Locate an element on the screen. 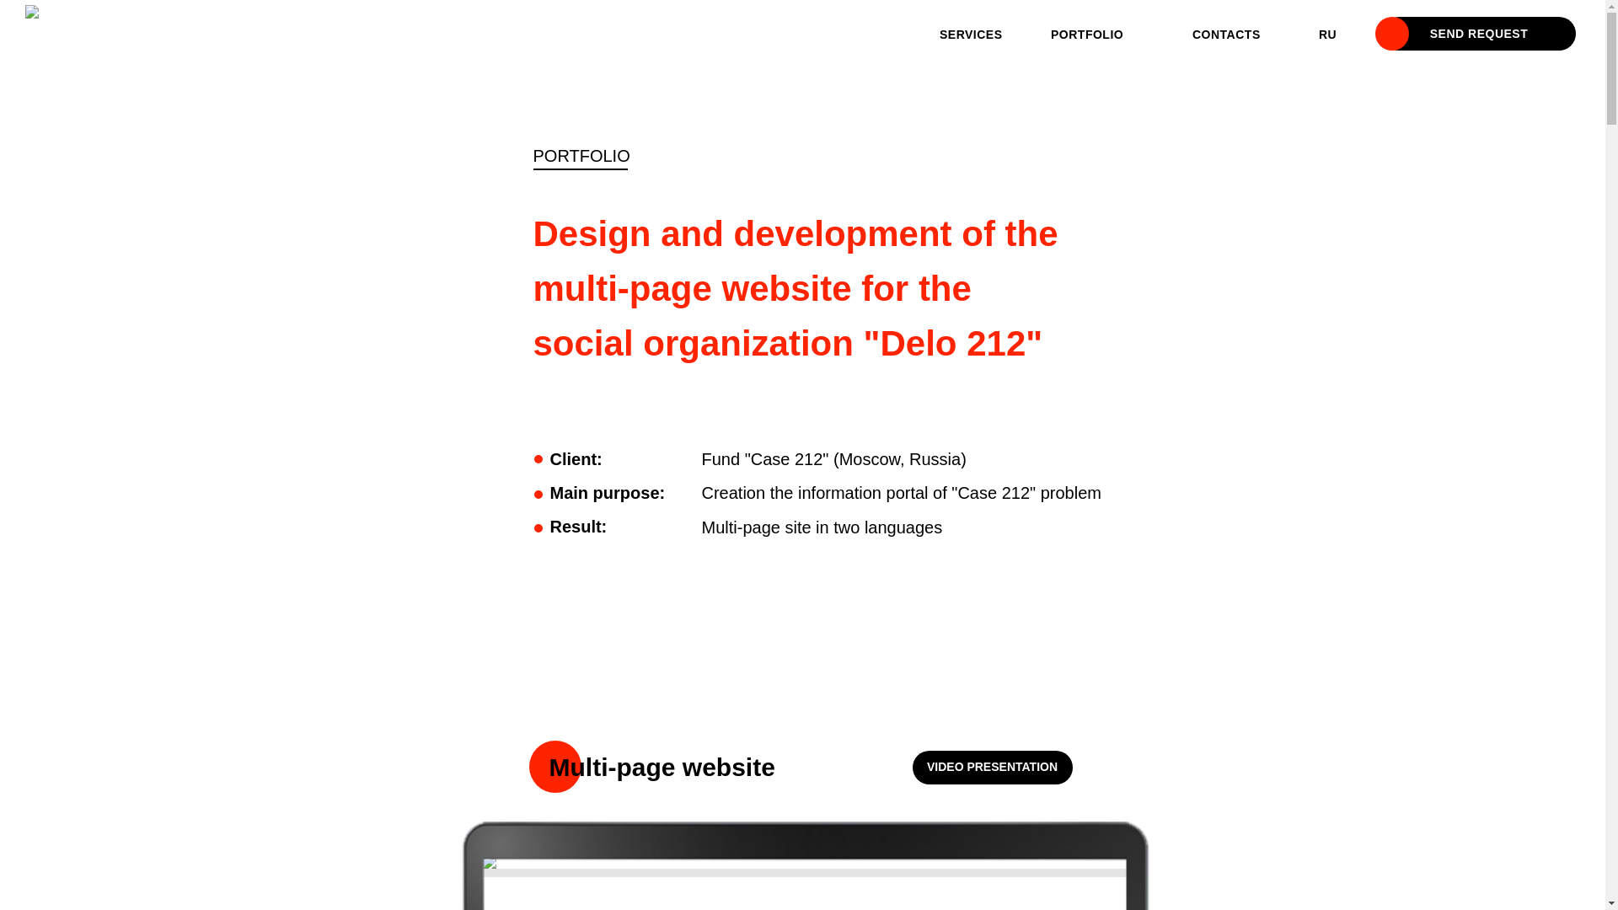 This screenshot has height=910, width=1618. 'CONTACTS' is located at coordinates (1226, 35).